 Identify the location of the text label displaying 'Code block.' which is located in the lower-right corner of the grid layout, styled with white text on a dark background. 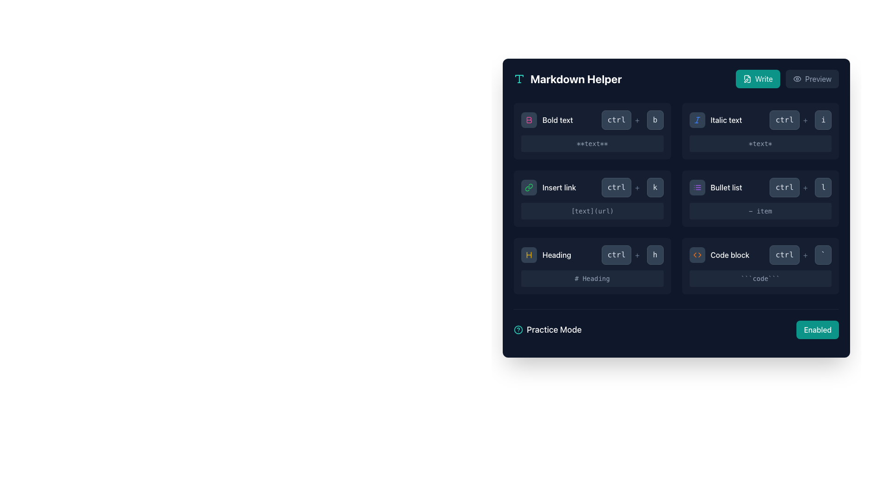
(729, 255).